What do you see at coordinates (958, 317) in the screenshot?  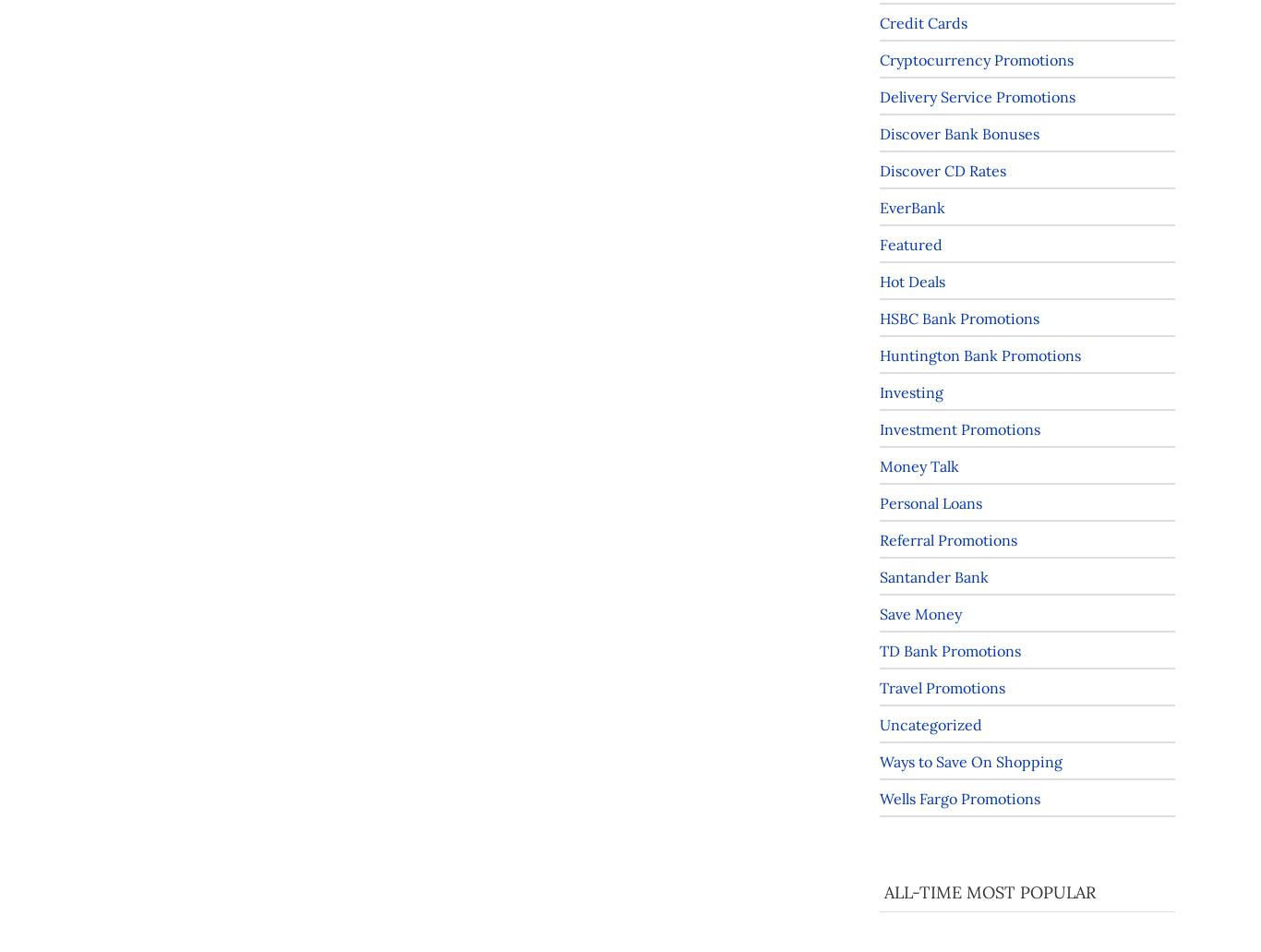 I see `'HSBC Bank Promotions'` at bounding box center [958, 317].